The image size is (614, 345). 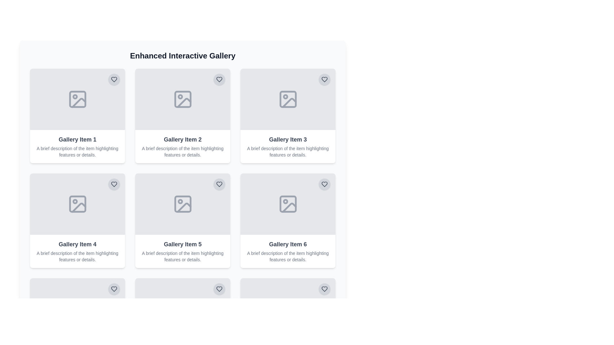 What do you see at coordinates (287, 251) in the screenshot?
I see `the text content titled 'Gallery Item 6' which is in bold, dark gray text with a lighter gray description below it, located at the bottom of the sixth gallery card in the second row and third column of the gallery` at bounding box center [287, 251].